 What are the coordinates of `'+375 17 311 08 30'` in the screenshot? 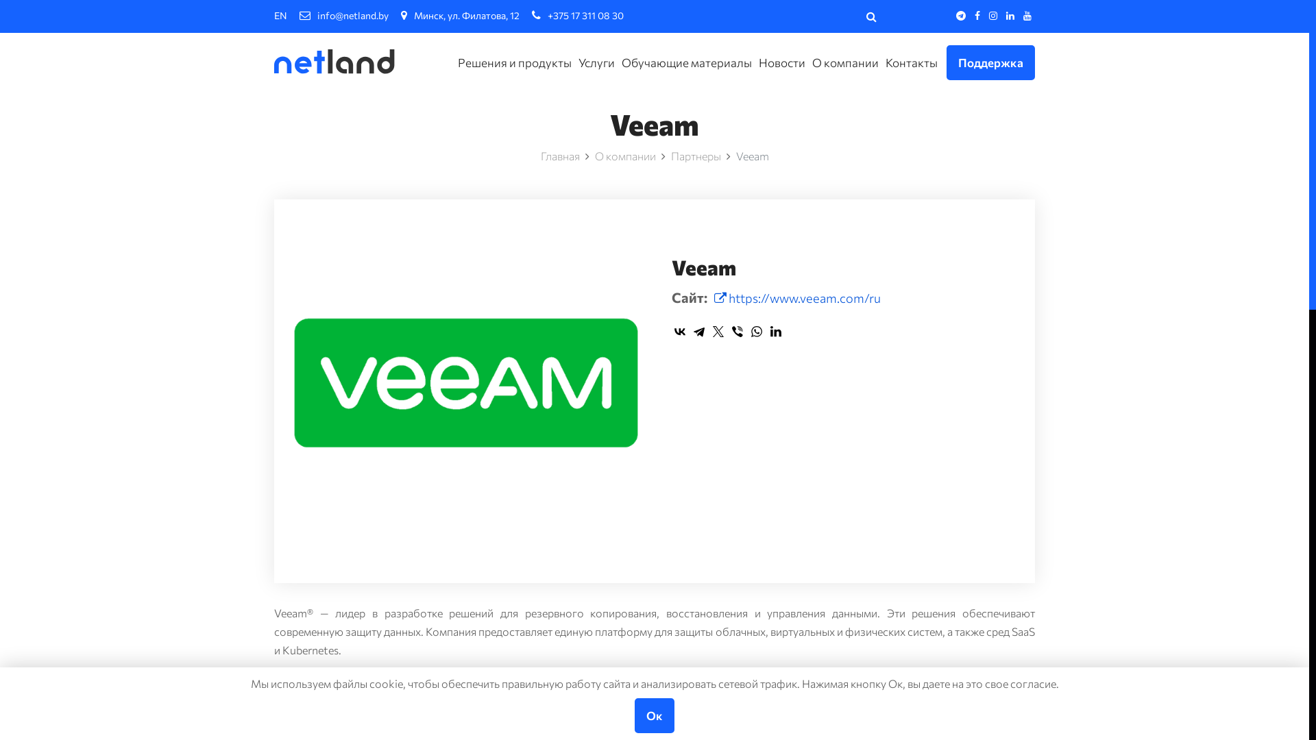 It's located at (531, 15).